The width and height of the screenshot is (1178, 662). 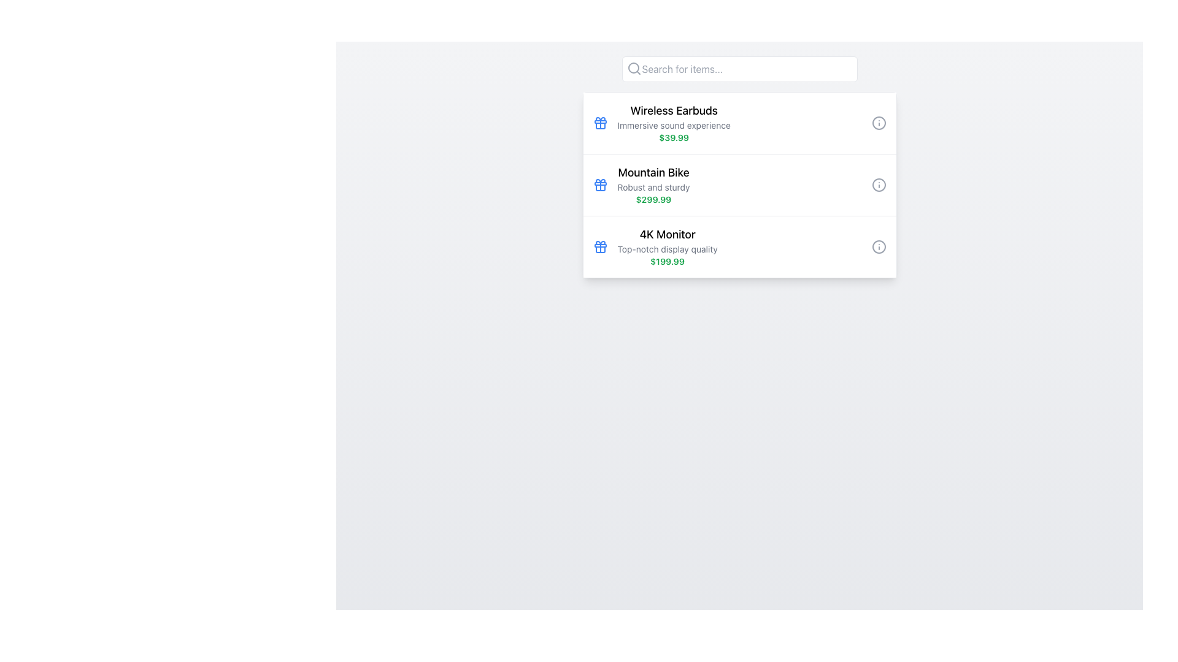 I want to click on the bottom portion of the gift box icon located to the left of the '4K Monitor' text entry, so click(x=600, y=249).